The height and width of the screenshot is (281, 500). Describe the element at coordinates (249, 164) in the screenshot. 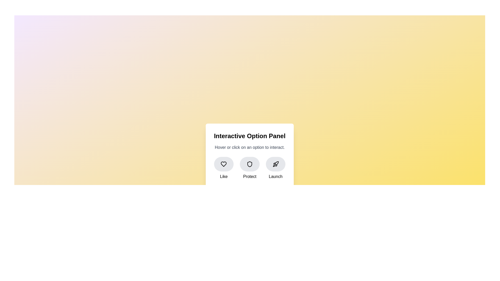

I see `the shield-shaped SVG icon embedded in the central button of the interactive options panel` at that location.